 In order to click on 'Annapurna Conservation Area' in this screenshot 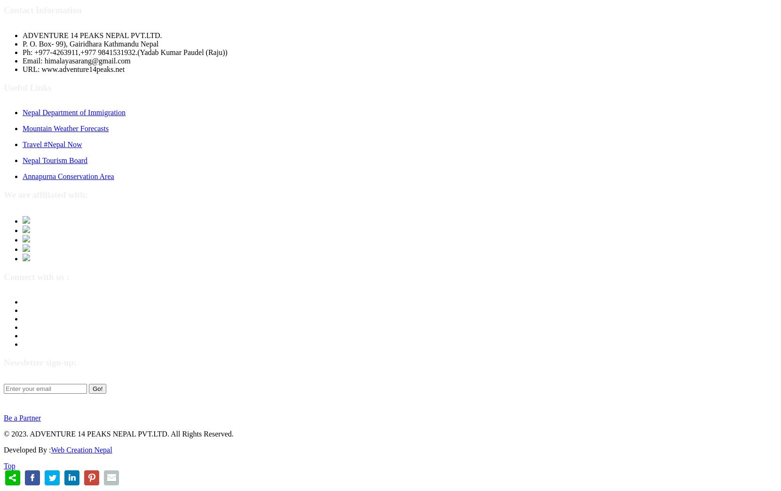, I will do `click(68, 176)`.